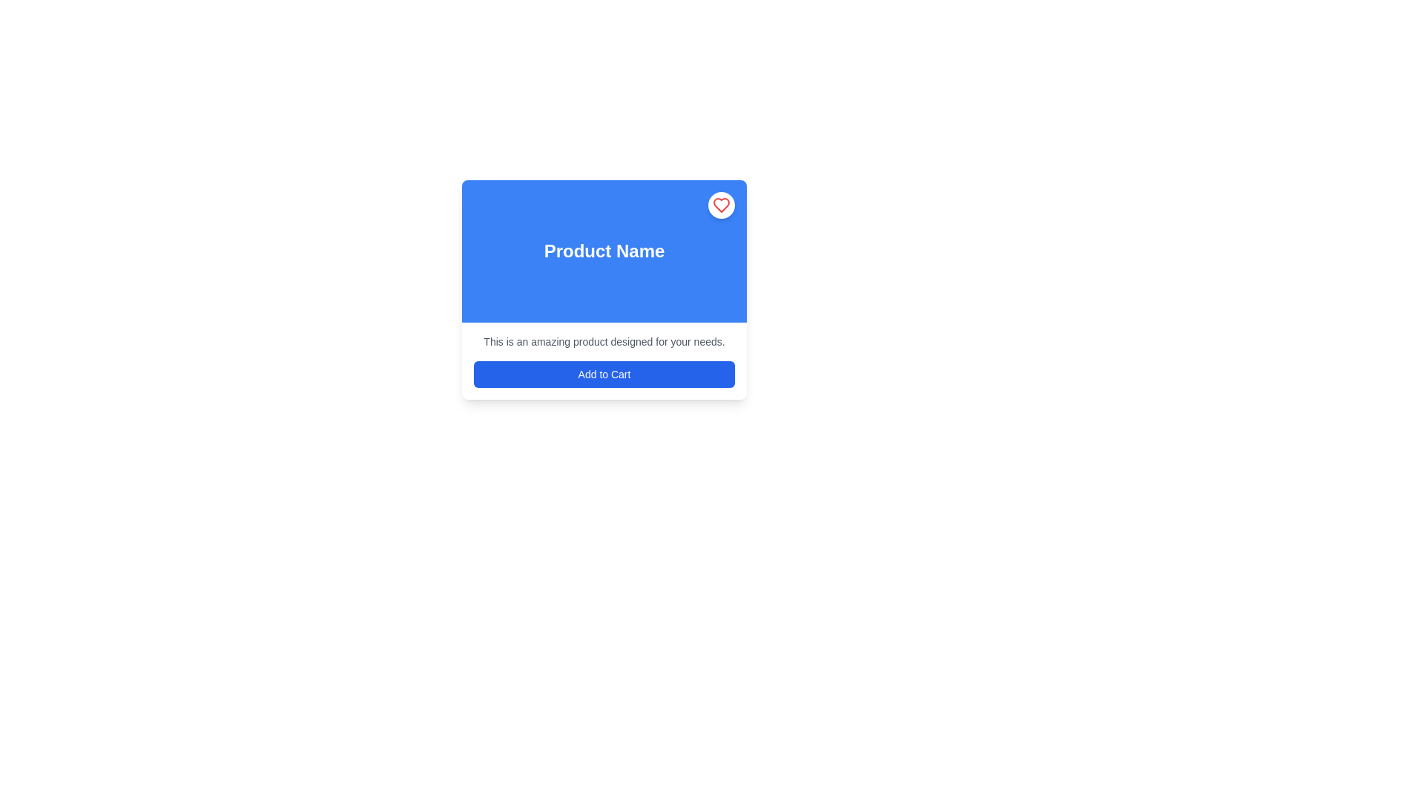 Image resolution: width=1424 pixels, height=801 pixels. What do you see at coordinates (604, 374) in the screenshot?
I see `the second button in the middle section of the interface` at bounding box center [604, 374].